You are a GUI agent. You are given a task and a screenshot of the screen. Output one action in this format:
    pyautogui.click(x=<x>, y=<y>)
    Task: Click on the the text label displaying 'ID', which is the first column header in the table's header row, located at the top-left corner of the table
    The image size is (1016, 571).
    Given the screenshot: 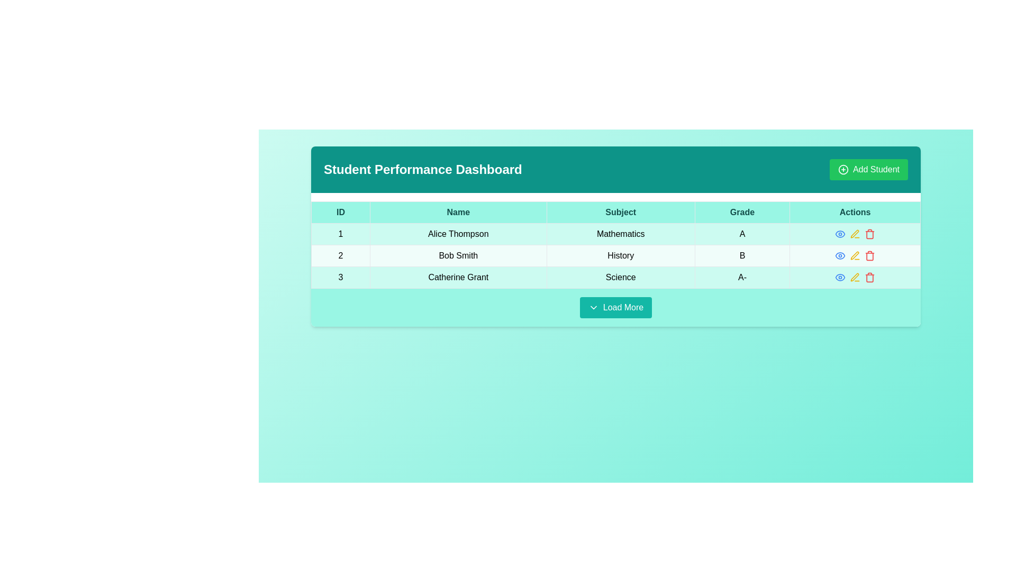 What is the action you would take?
    pyautogui.click(x=340, y=212)
    